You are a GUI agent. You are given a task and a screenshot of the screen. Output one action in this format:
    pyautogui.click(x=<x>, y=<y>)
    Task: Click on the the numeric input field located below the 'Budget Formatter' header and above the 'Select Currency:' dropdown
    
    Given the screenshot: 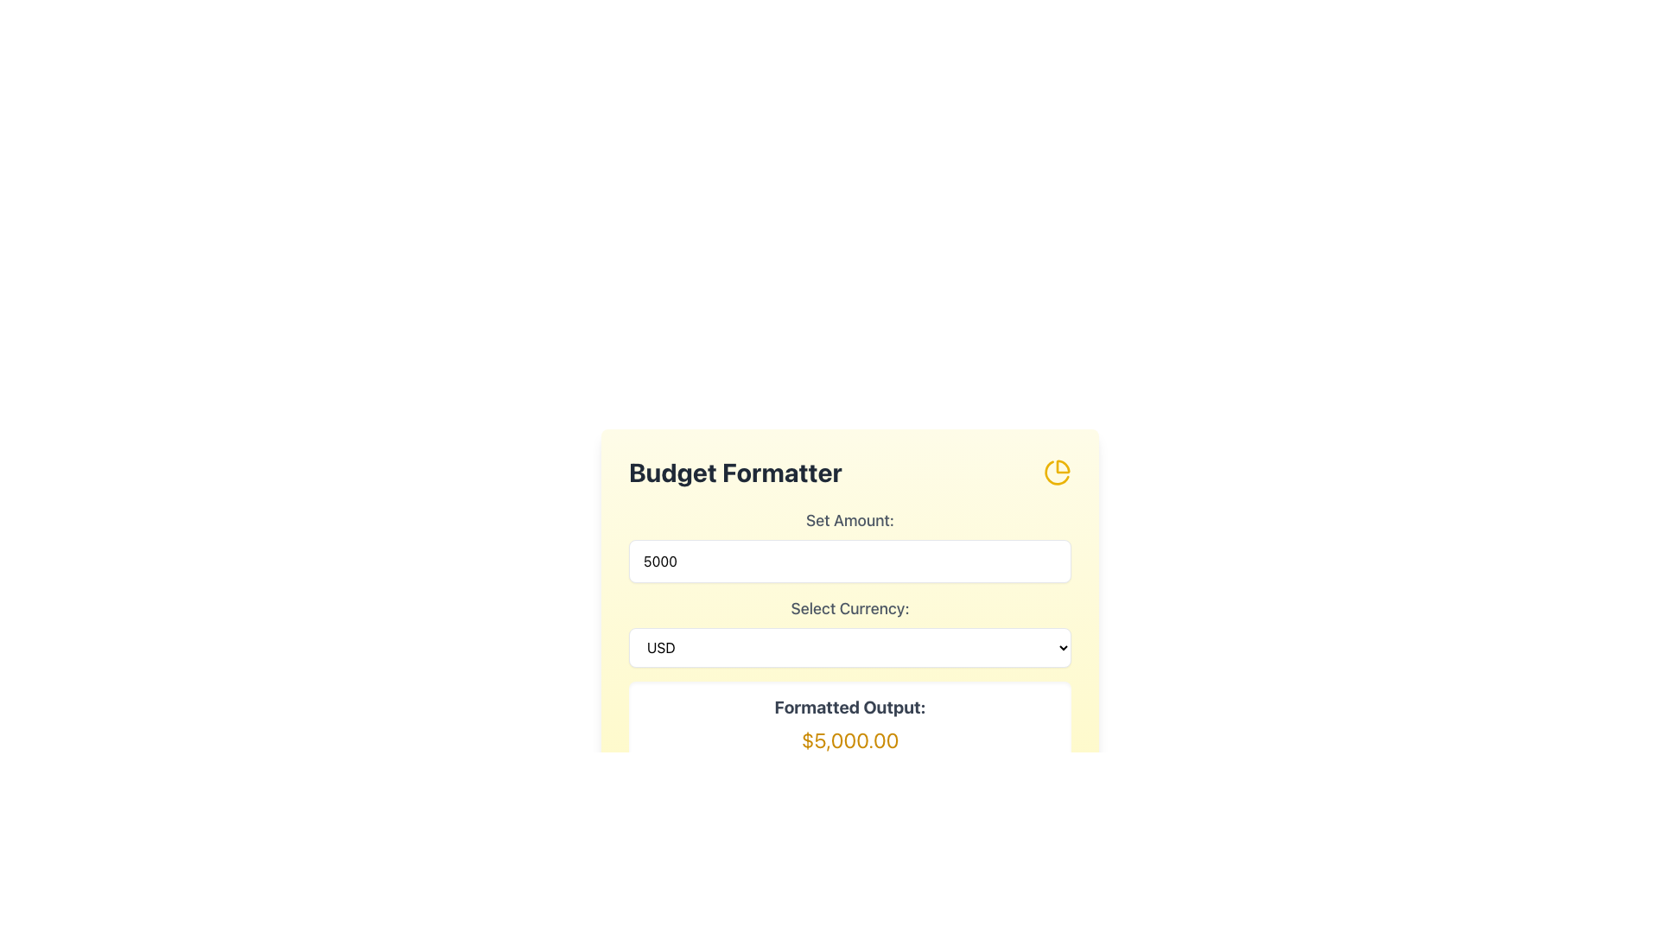 What is the action you would take?
    pyautogui.click(x=849, y=546)
    